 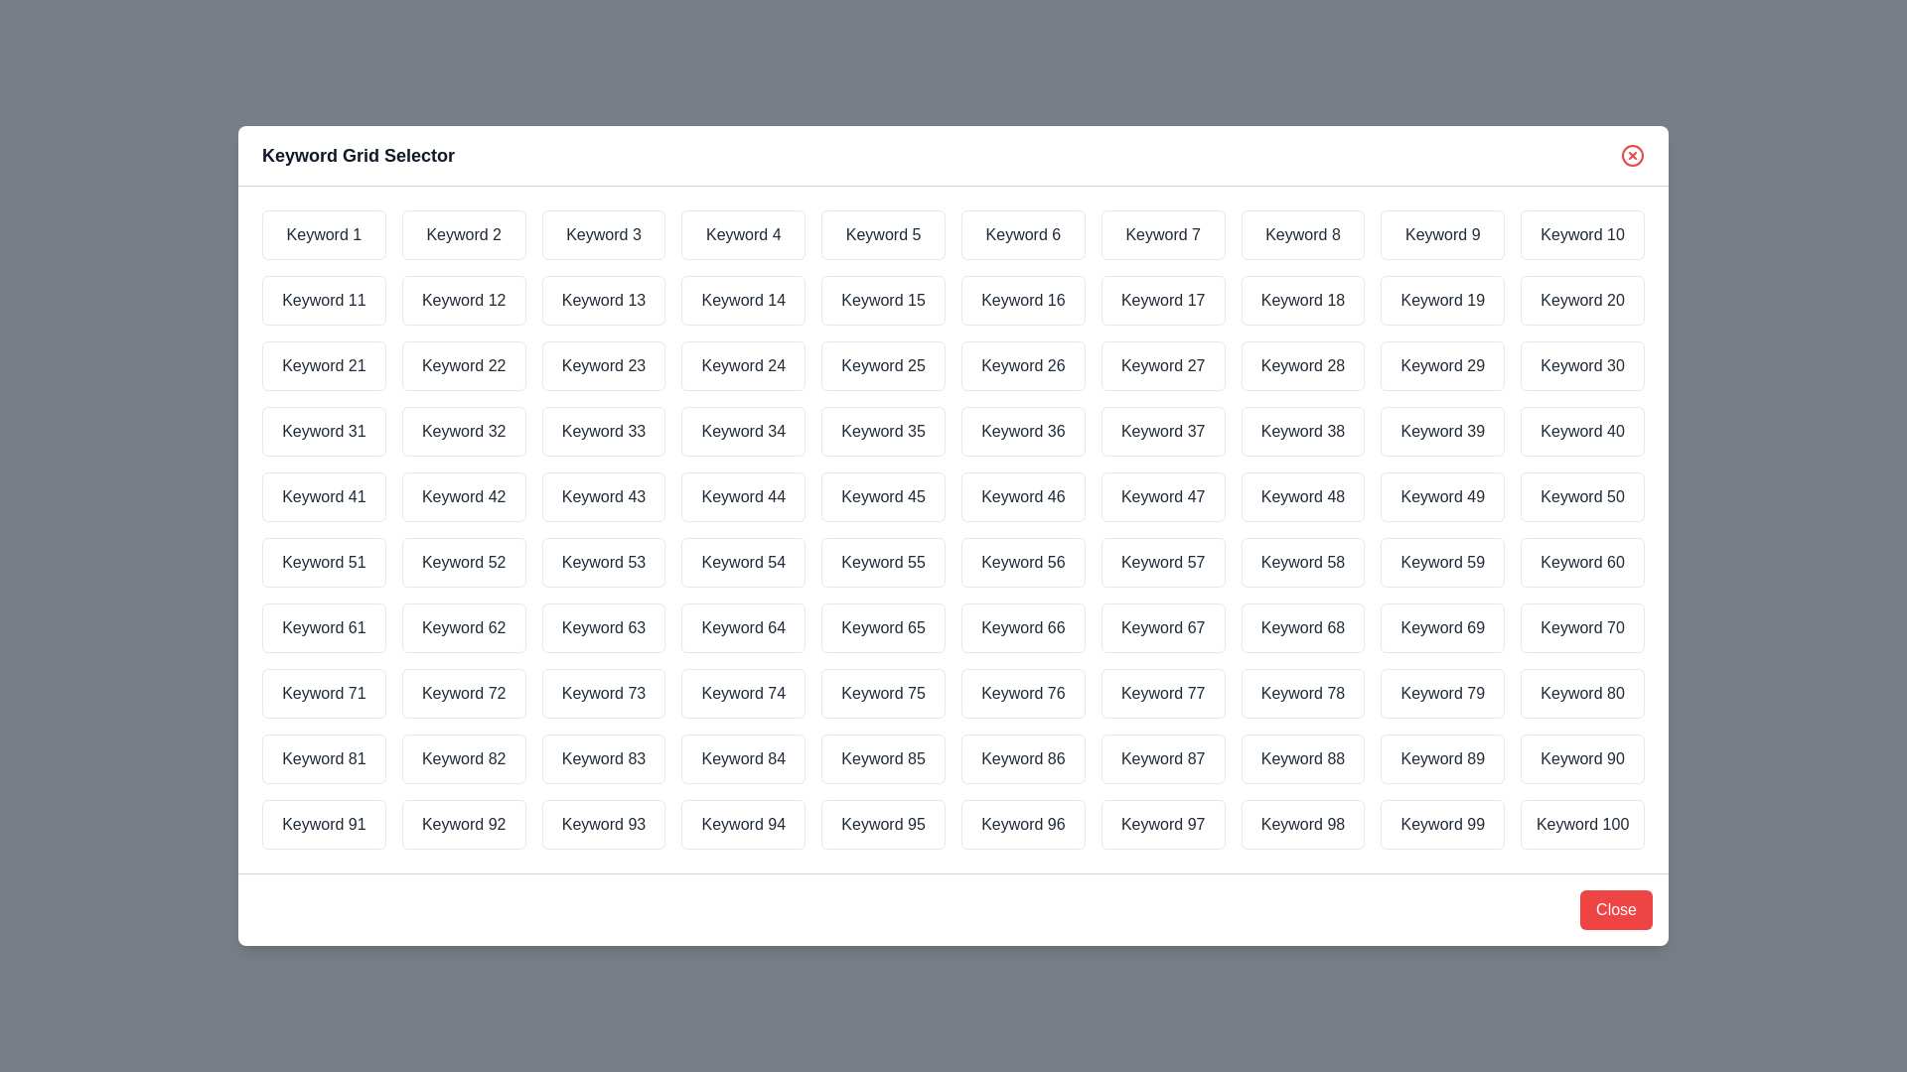 I want to click on the keyword Keyword 2 by clicking on it, so click(x=462, y=233).